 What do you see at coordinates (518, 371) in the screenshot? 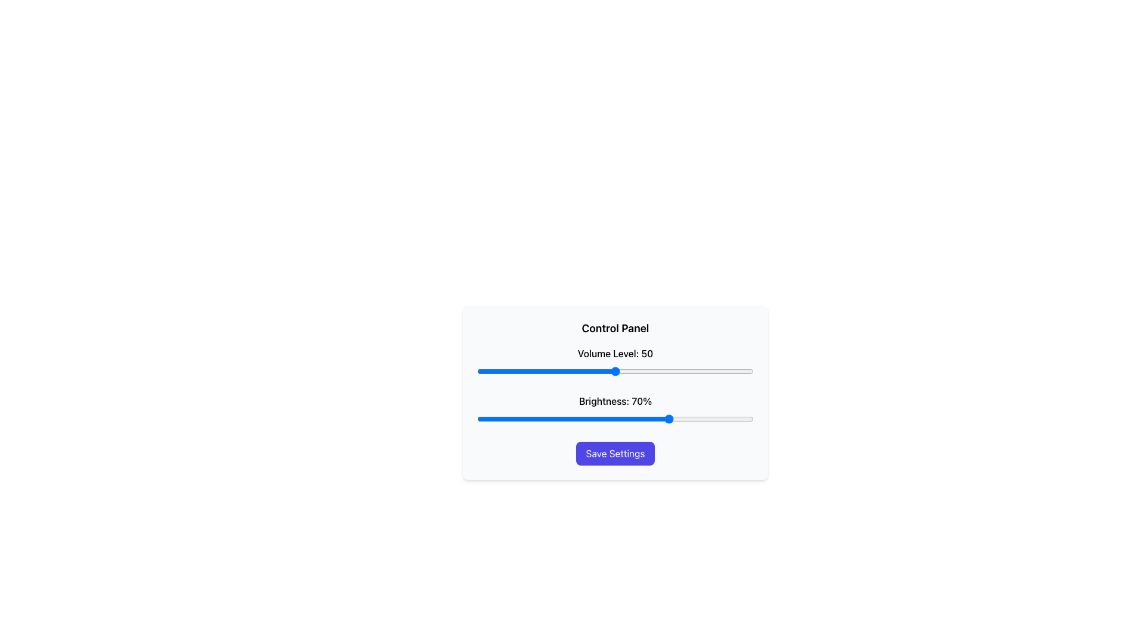
I see `the volume level` at bounding box center [518, 371].